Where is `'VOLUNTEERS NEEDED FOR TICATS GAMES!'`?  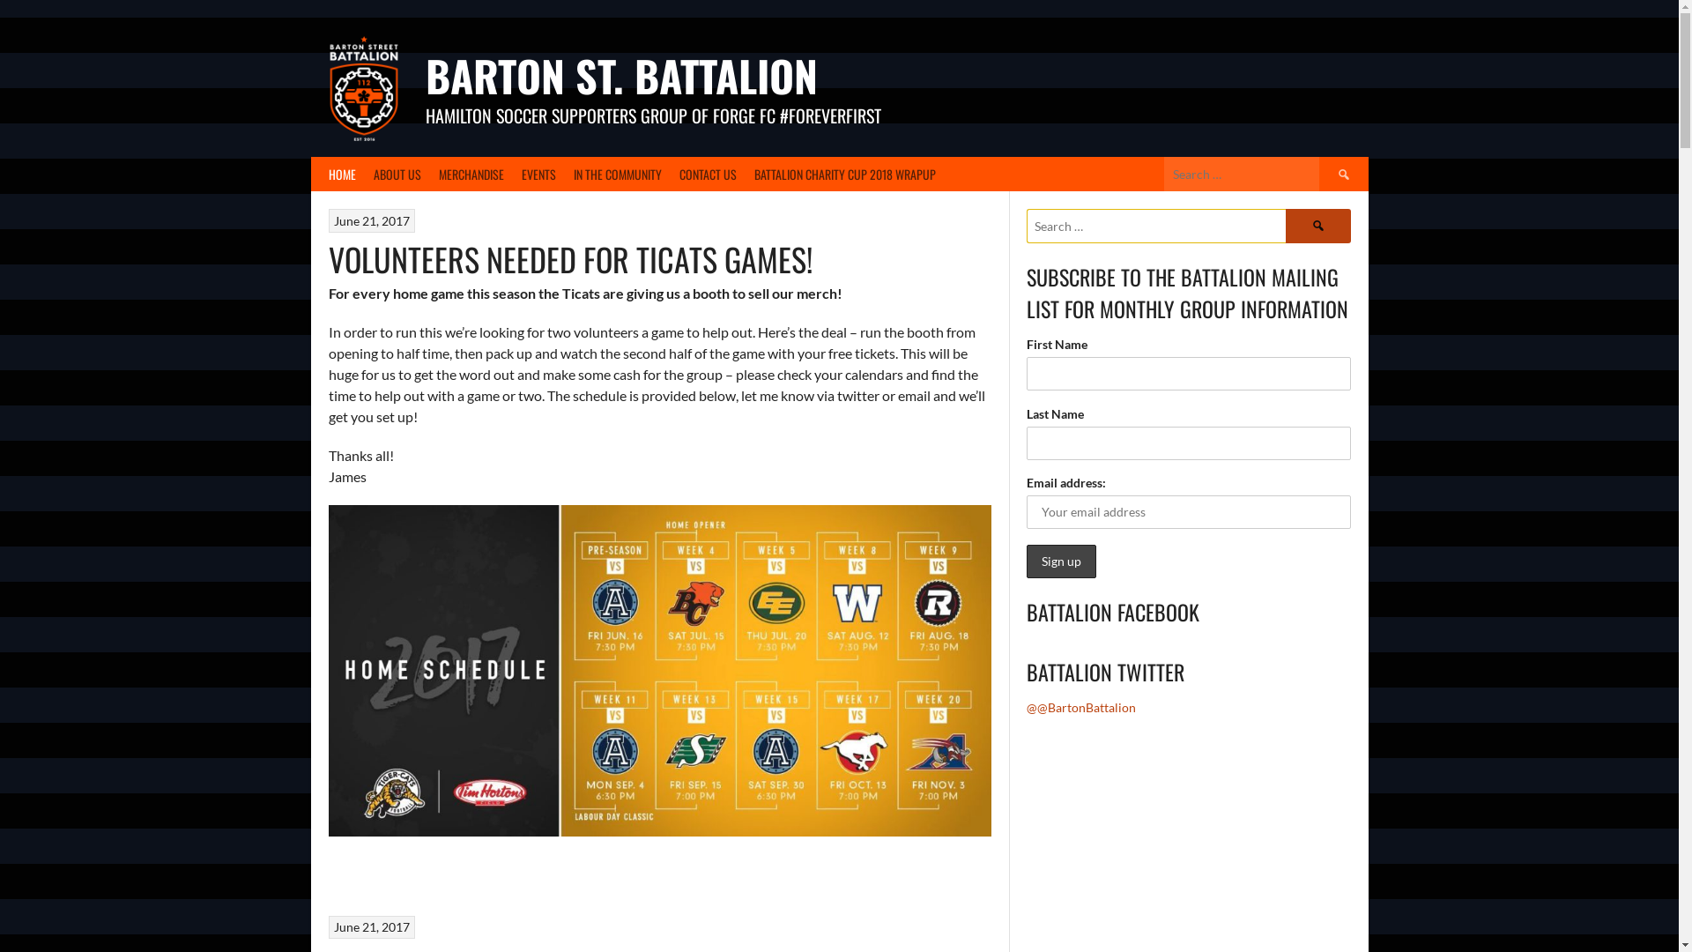
'VOLUNTEERS NEEDED FOR TICATS GAMES!' is located at coordinates (569, 257).